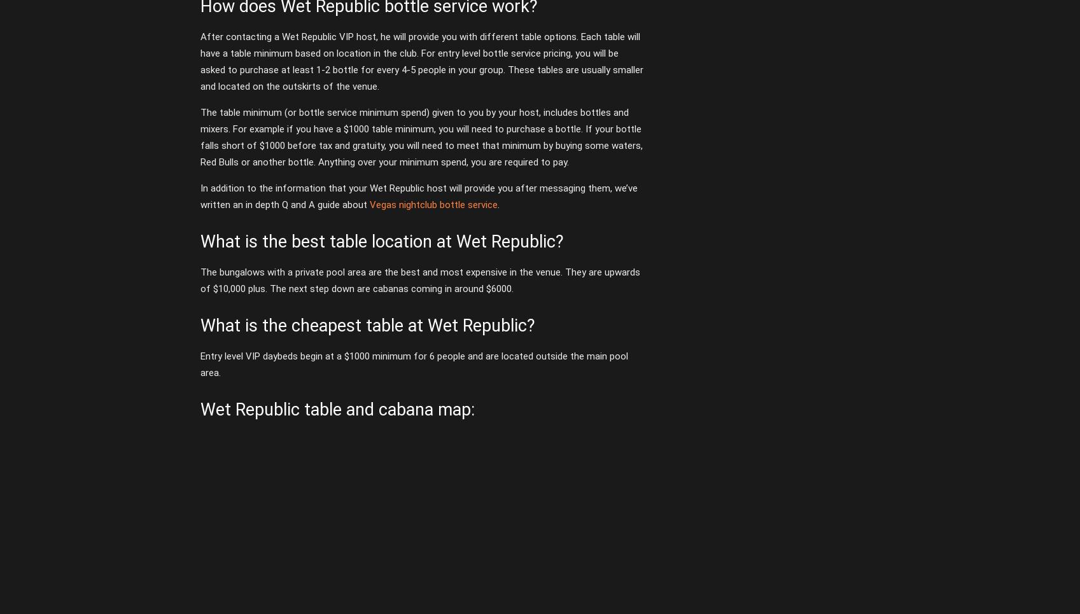  What do you see at coordinates (366, 324) in the screenshot?
I see `'What is the cheapest table at Wet Republic?'` at bounding box center [366, 324].